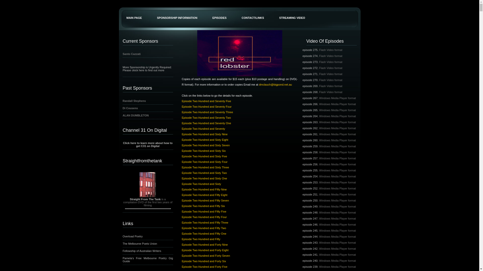 This screenshot has width=483, height=271. Describe the element at coordinates (204, 134) in the screenshot. I see `'Episode Two Hundred and Sixty Nine'` at that location.